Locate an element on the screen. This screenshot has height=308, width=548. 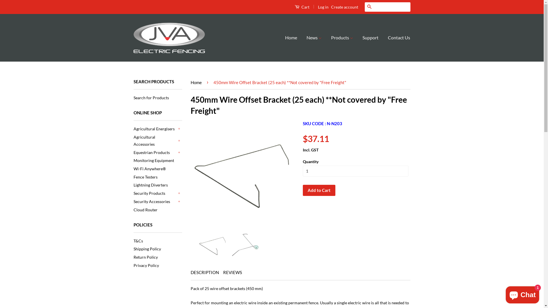
'Monitoring Equipment' is located at coordinates (133, 160).